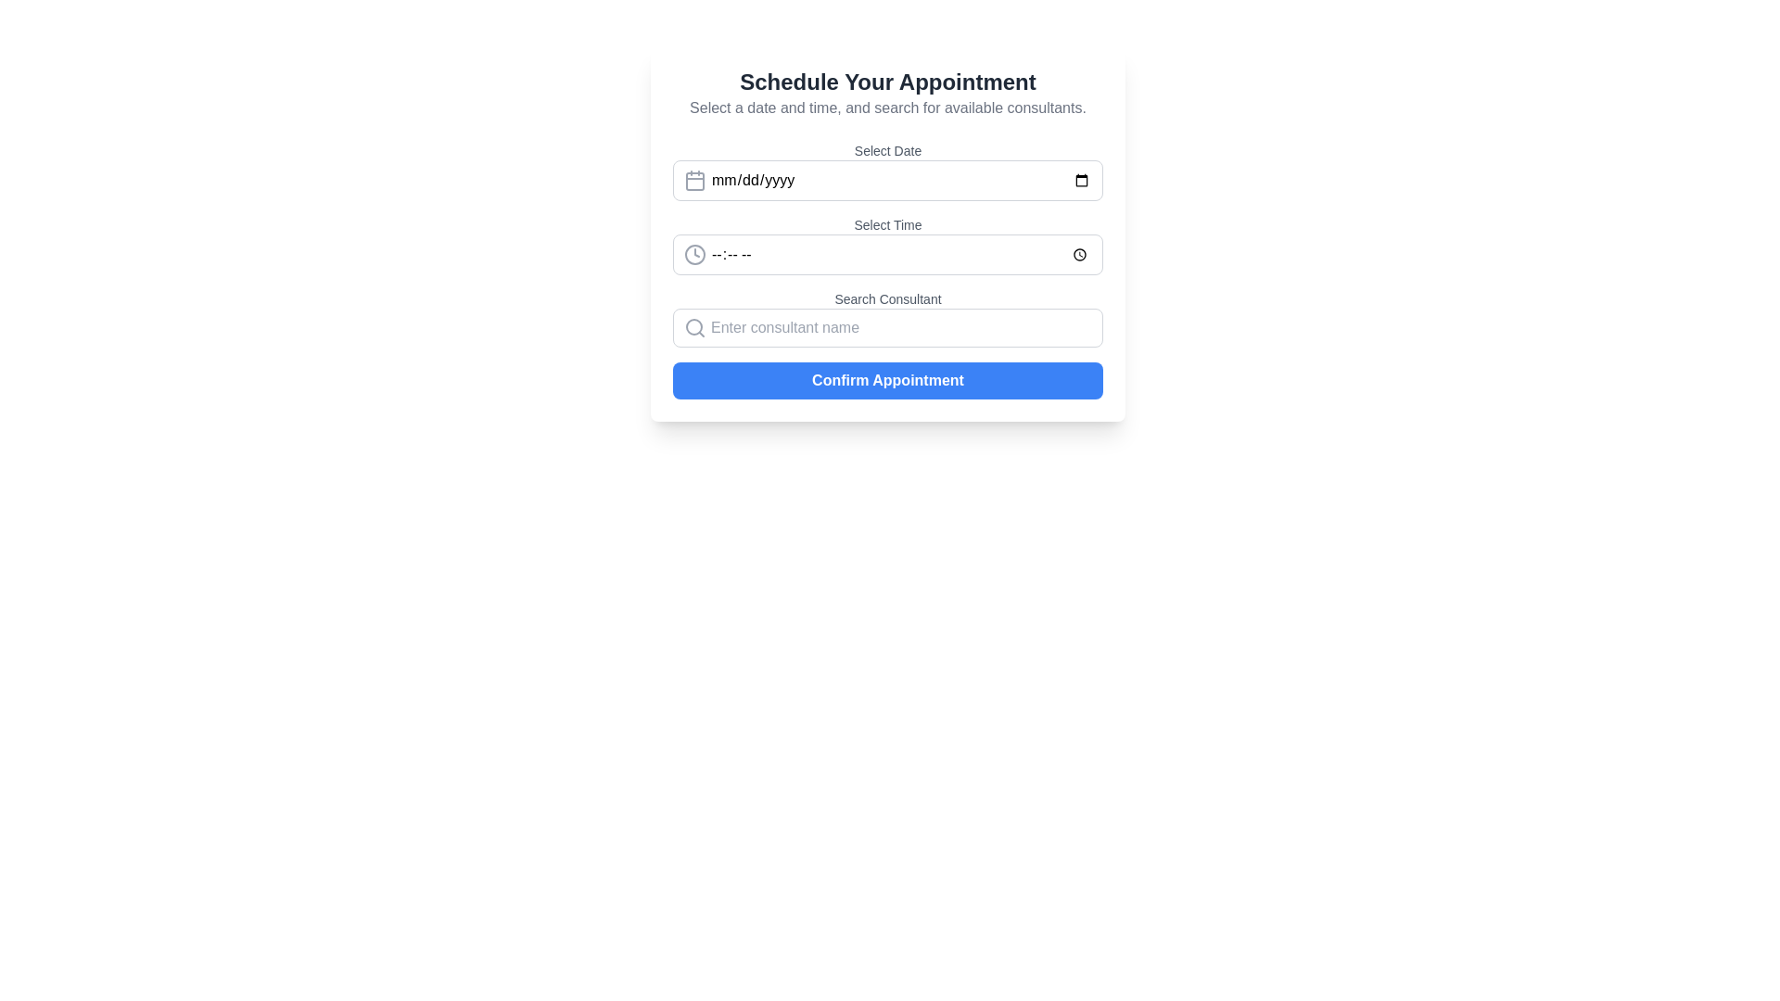  Describe the element at coordinates (887, 232) in the screenshot. I see `properties of the Time selection input field located beneath the 'Select Date' field and above the 'Search Consultant' field in the form` at that location.